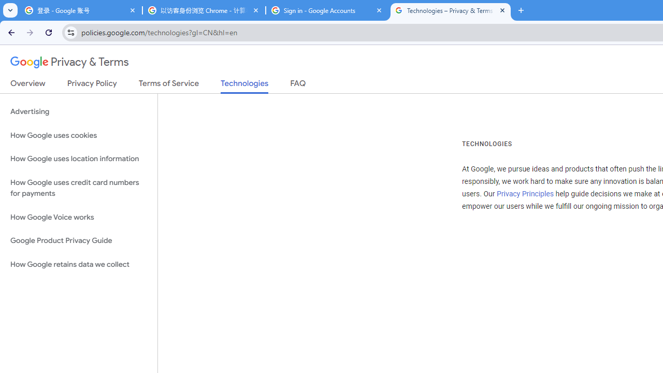 The height and width of the screenshot is (373, 663). What do you see at coordinates (78, 188) in the screenshot?
I see `'How Google uses credit card numbers for payments'` at bounding box center [78, 188].